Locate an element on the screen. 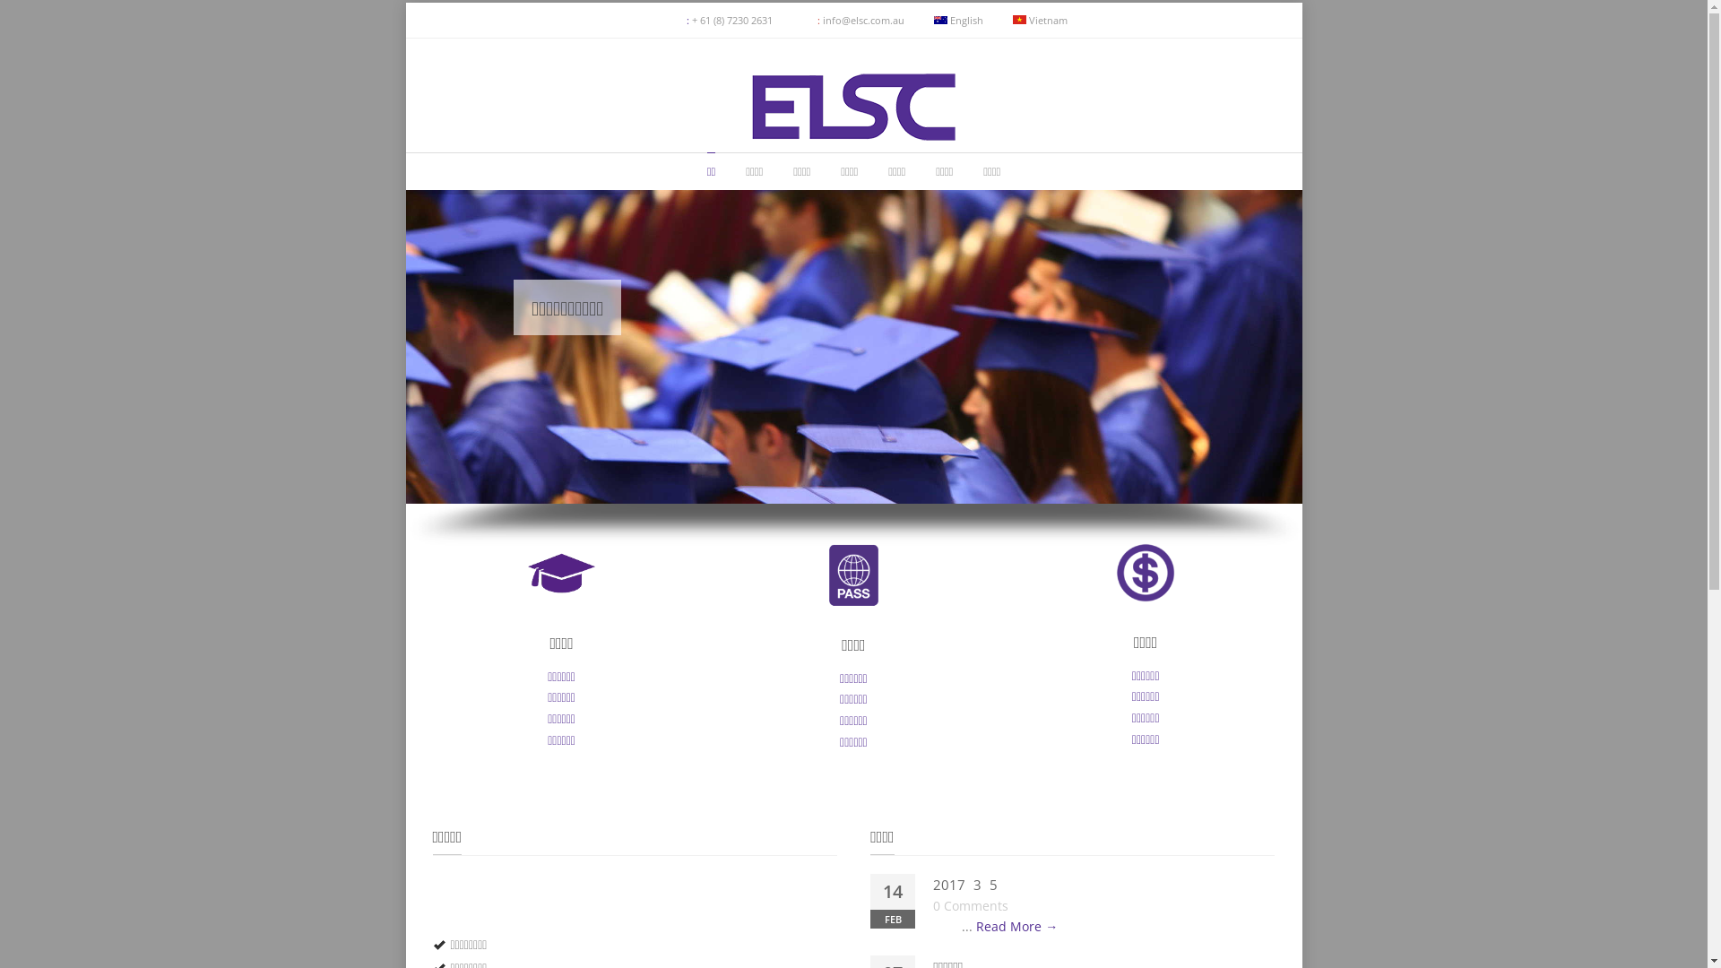 This screenshot has width=1721, height=968. 'English' is located at coordinates (957, 20).